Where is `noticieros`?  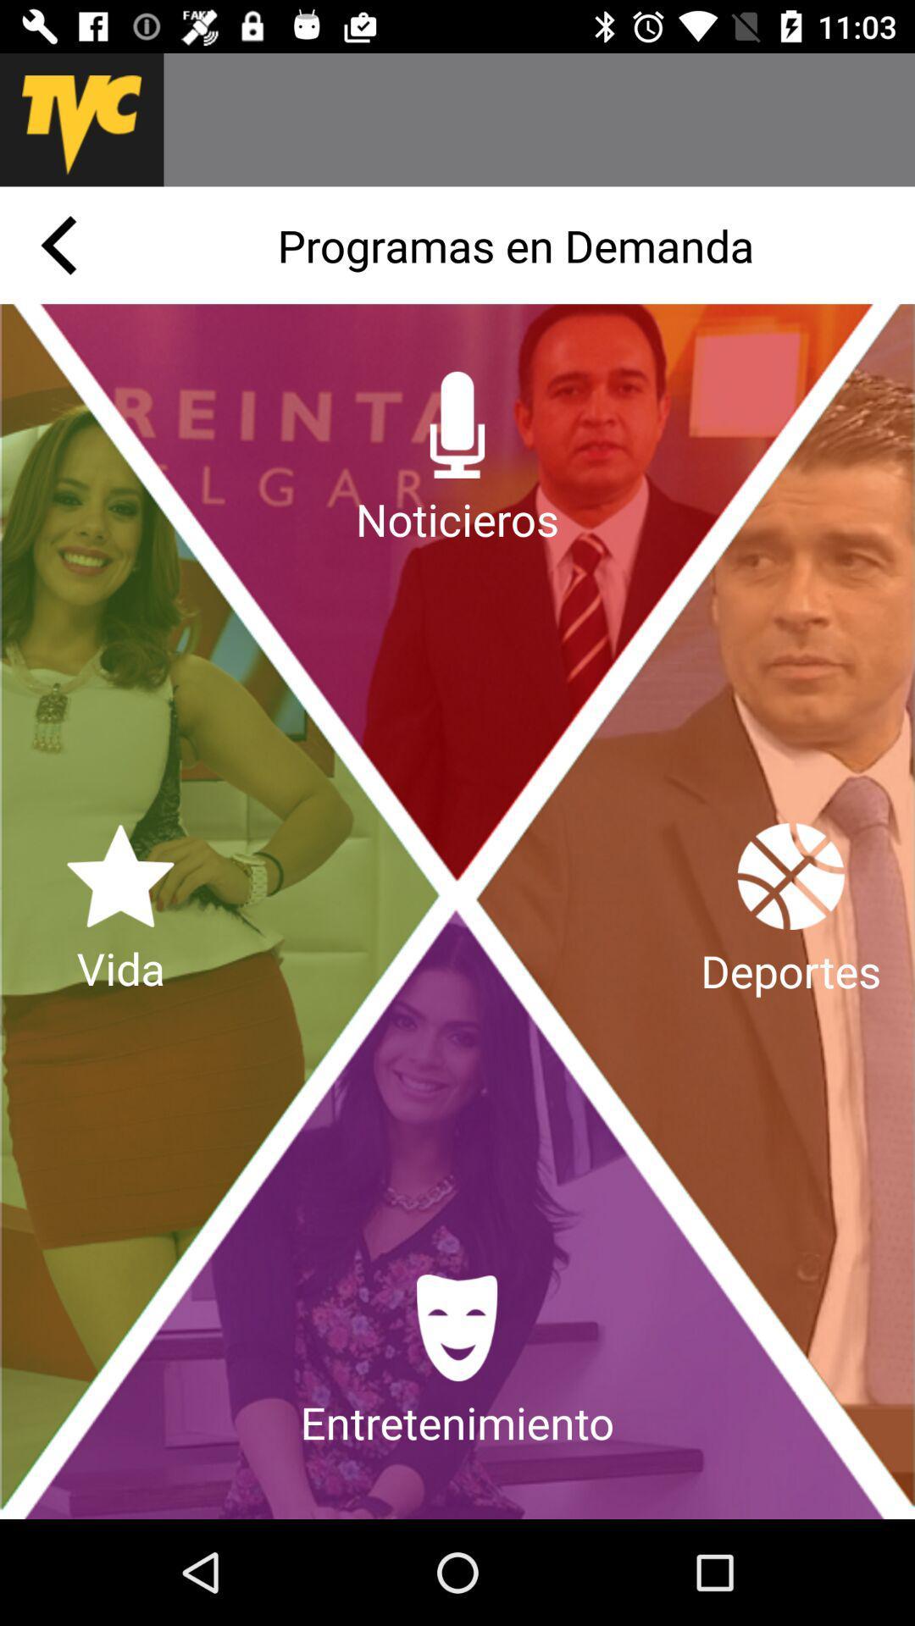 noticieros is located at coordinates (457, 460).